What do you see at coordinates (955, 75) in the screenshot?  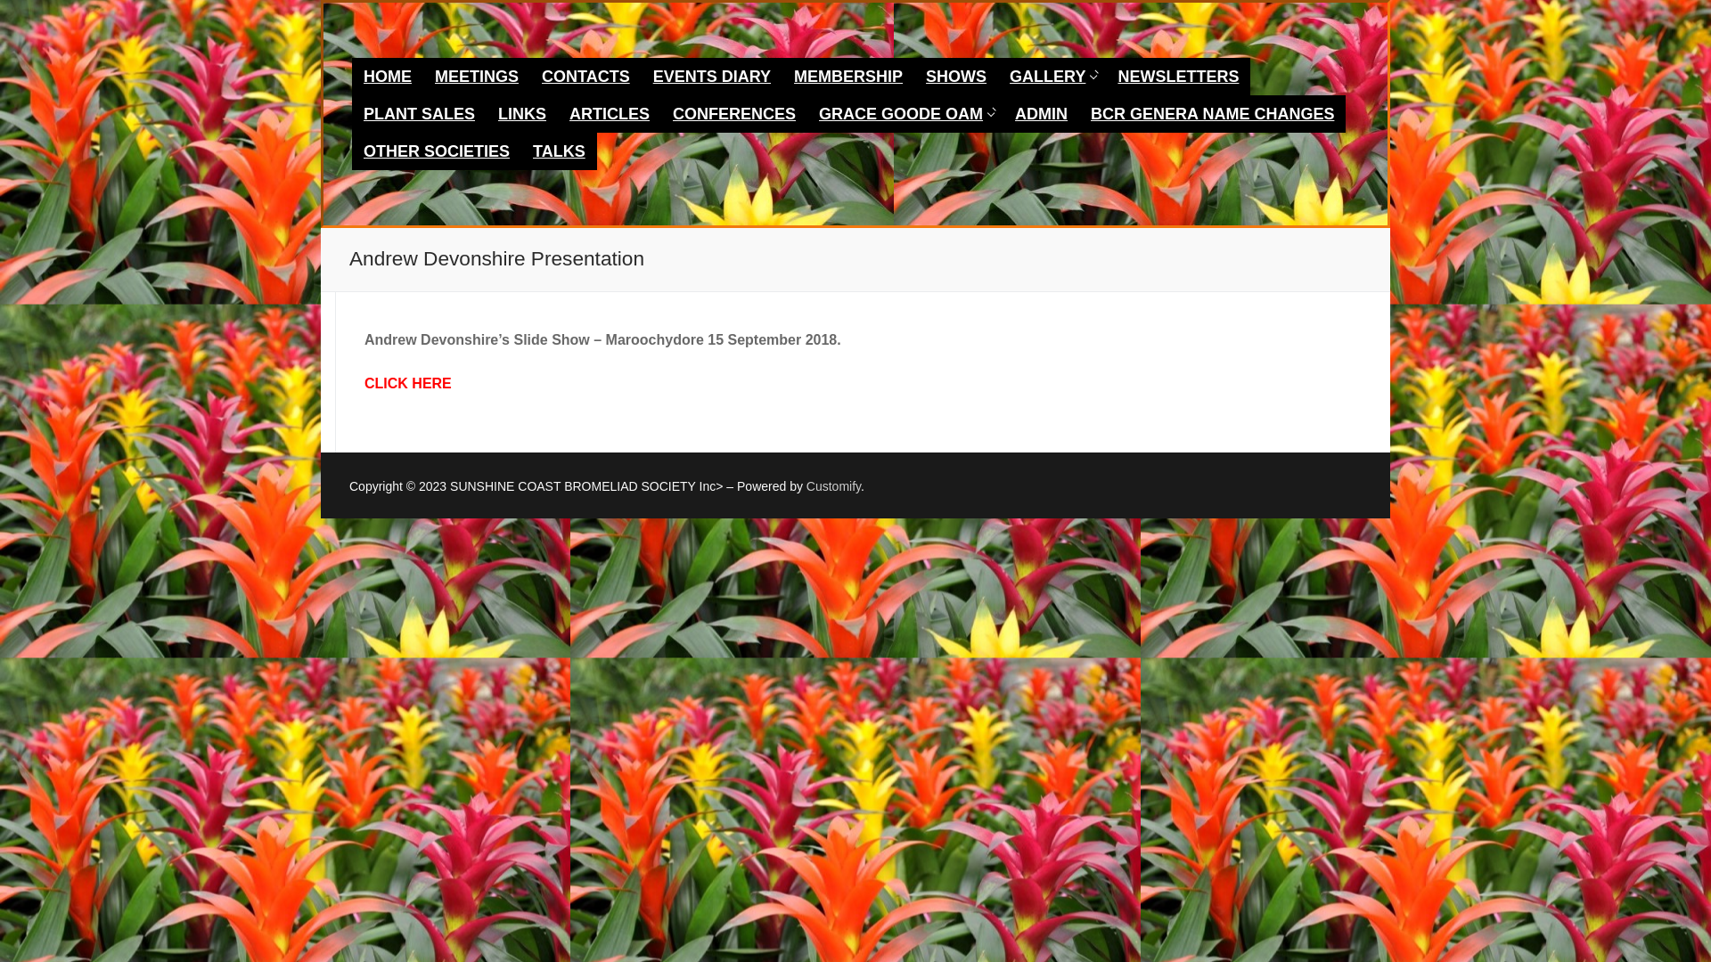 I see `'SHOWS'` at bounding box center [955, 75].